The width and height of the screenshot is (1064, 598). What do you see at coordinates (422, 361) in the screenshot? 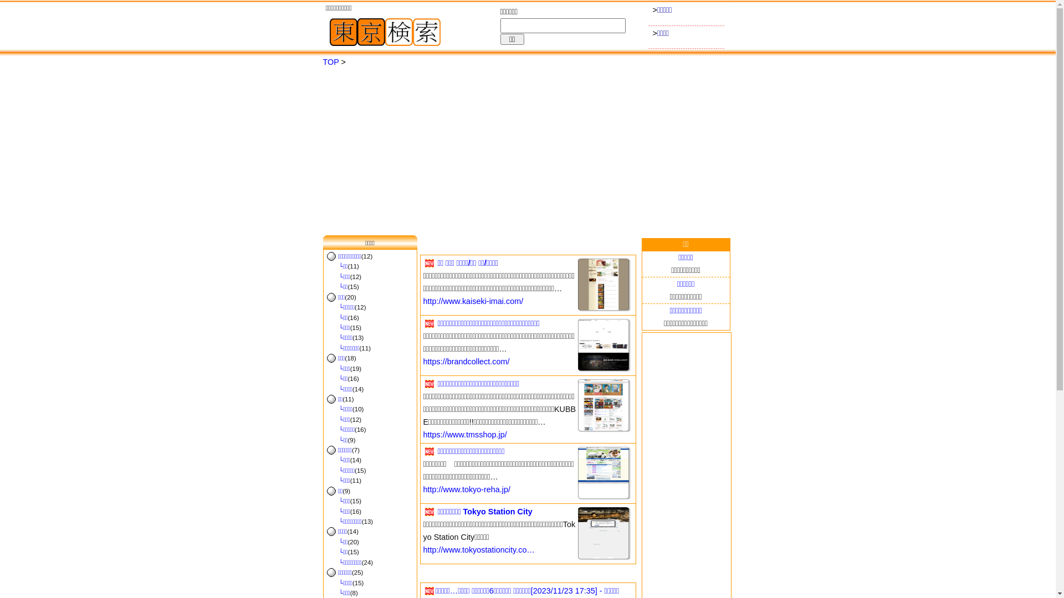
I see `'https://brandcollect.com/'` at bounding box center [422, 361].